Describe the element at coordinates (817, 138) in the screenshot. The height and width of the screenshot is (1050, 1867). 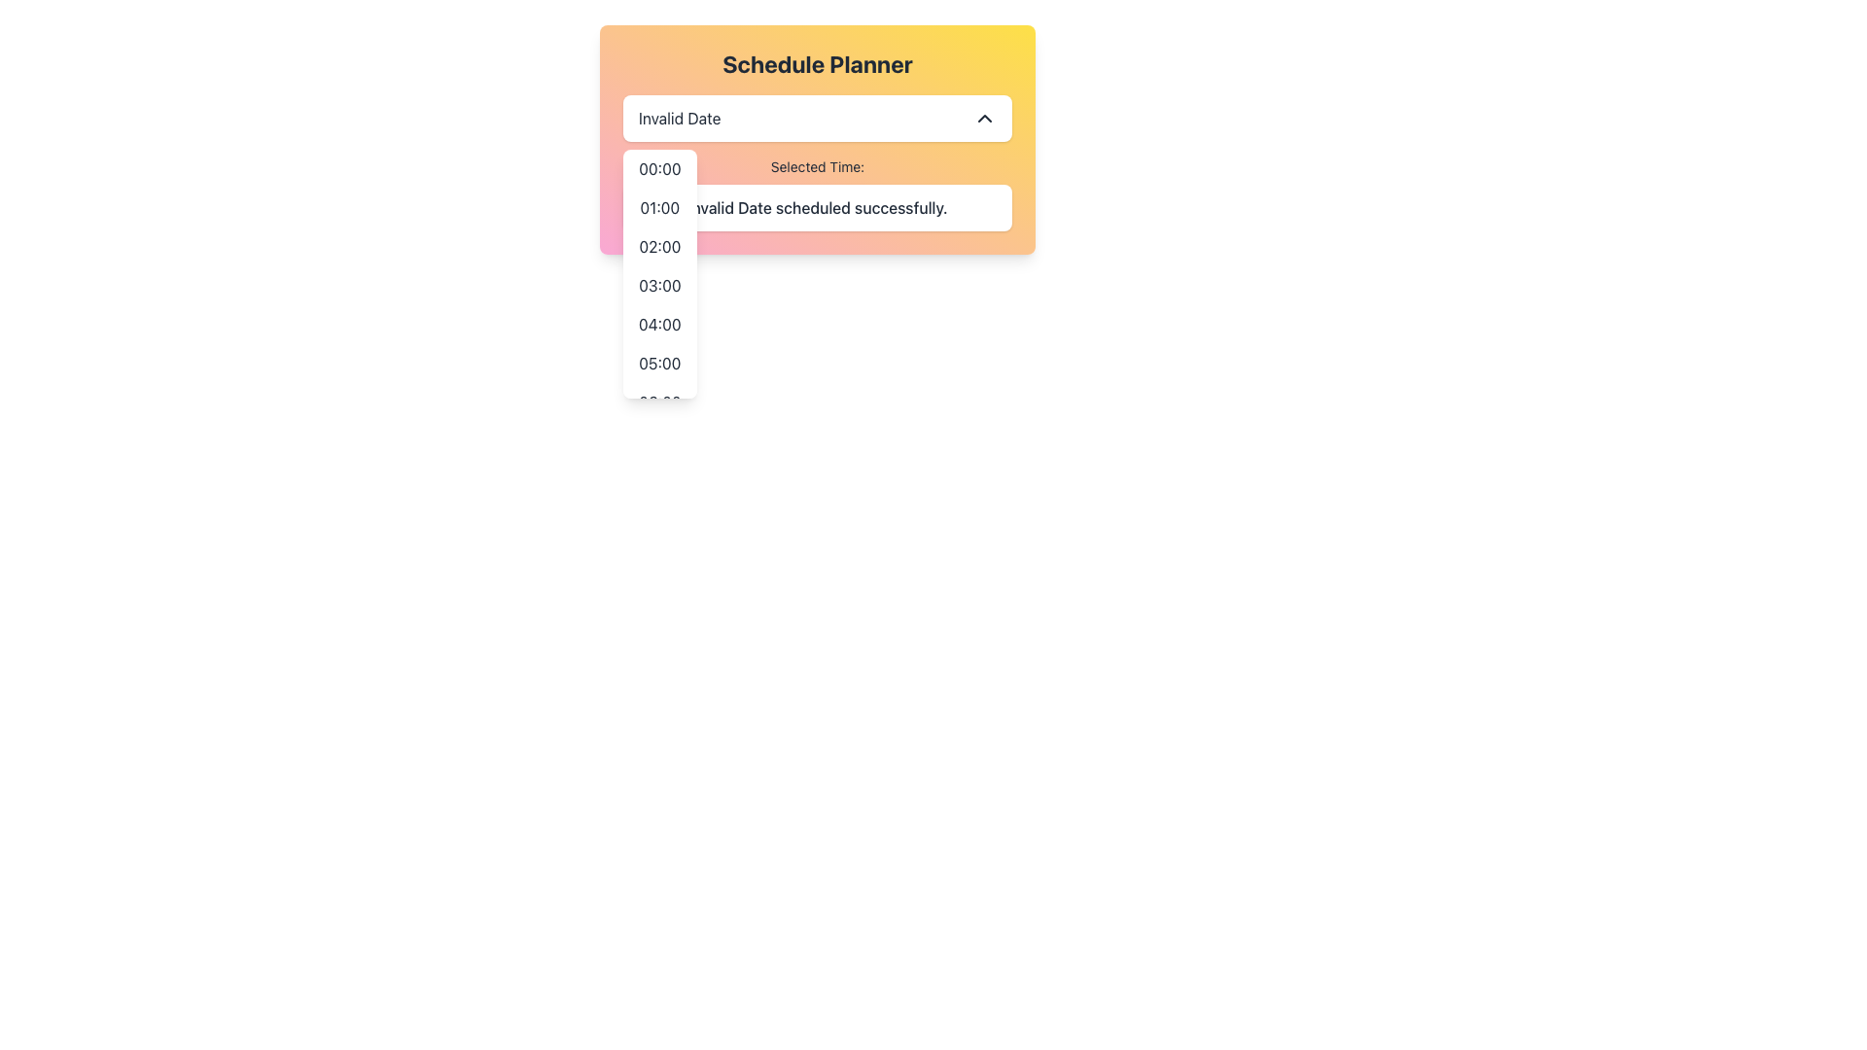
I see `a time from the Interactive time selection menu located below the title 'Schedule Planner' and above 'Selected Time:' by clicking on the dropdown menu` at that location.